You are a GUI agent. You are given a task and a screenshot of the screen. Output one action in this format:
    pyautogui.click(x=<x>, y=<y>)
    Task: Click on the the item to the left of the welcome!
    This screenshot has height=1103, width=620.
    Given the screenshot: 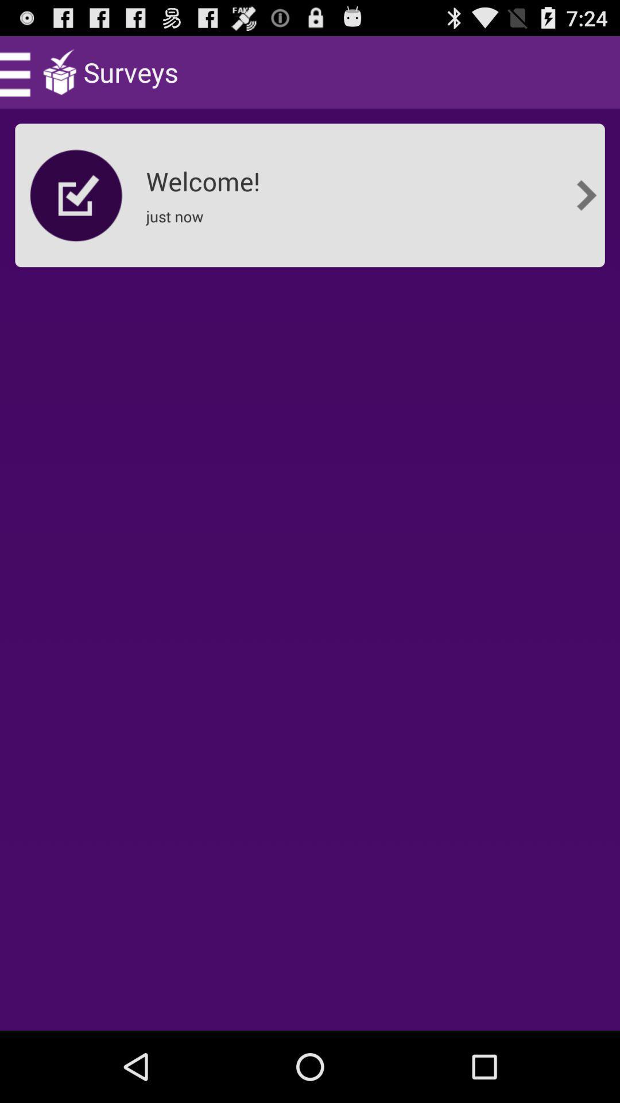 What is the action you would take?
    pyautogui.click(x=76, y=195)
    